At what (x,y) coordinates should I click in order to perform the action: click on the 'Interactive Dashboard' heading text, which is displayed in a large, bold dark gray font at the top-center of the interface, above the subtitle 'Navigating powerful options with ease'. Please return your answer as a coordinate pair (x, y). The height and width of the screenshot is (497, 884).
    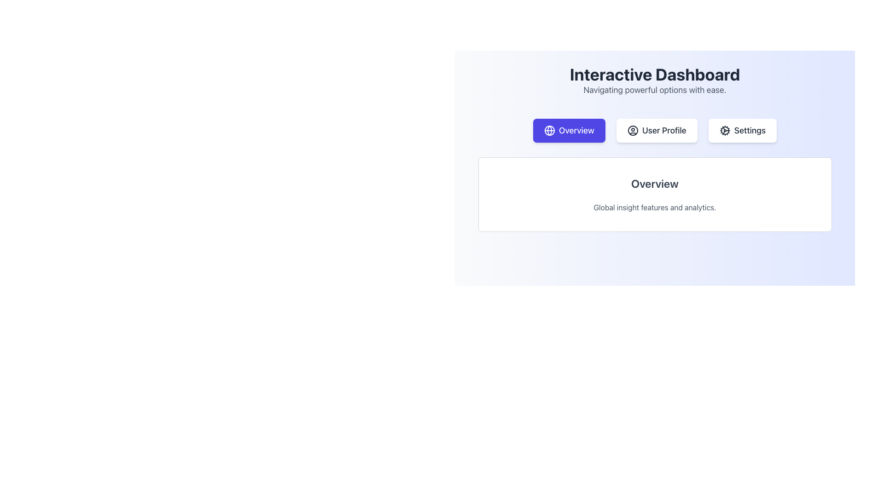
    Looking at the image, I should click on (654, 74).